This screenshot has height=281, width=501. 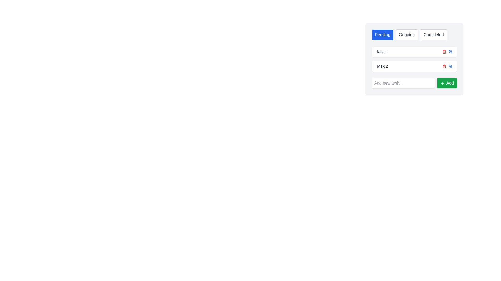 What do you see at coordinates (414, 35) in the screenshot?
I see `the 'Ongoing' button in the Tab navigation bar` at bounding box center [414, 35].